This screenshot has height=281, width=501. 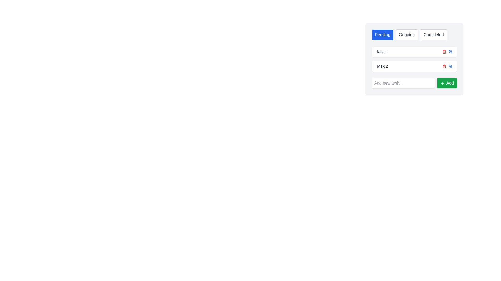 What do you see at coordinates (414, 35) in the screenshot?
I see `the 'Ongoing' button in the Tab navigation bar` at bounding box center [414, 35].